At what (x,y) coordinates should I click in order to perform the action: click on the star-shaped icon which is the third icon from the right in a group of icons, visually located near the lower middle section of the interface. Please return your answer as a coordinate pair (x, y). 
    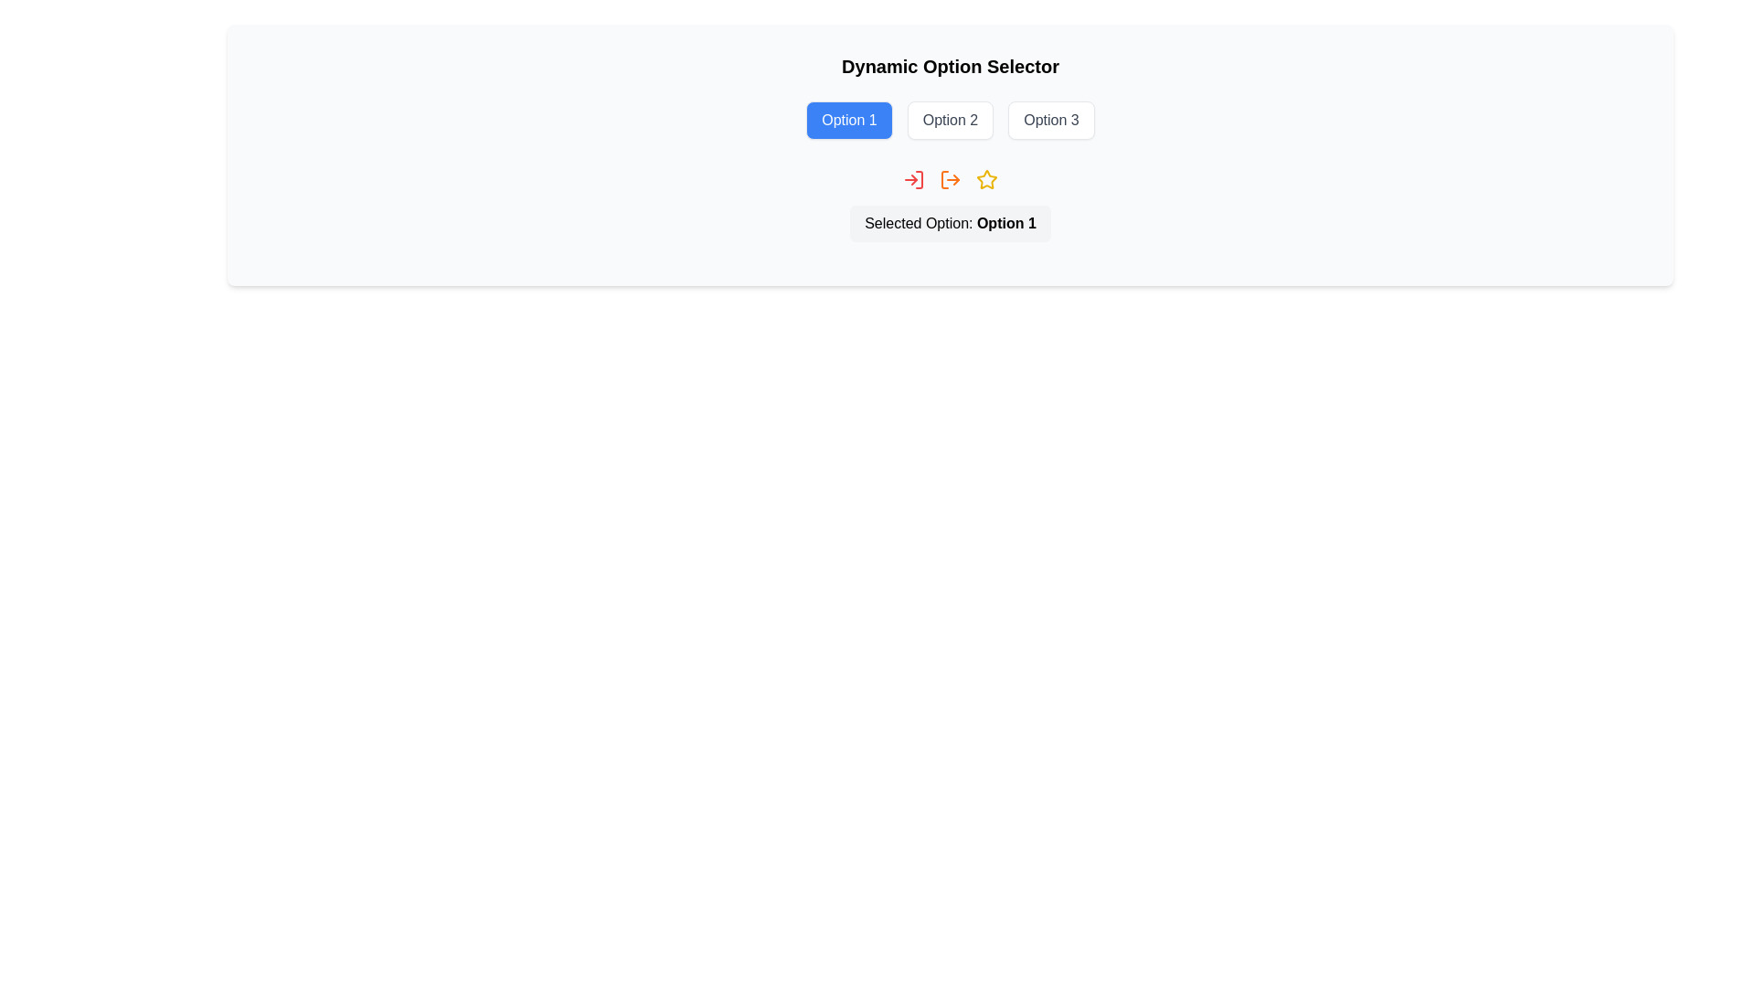
    Looking at the image, I should click on (986, 179).